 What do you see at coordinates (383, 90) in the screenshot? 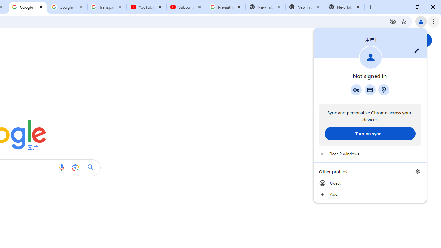
I see `'Addresses and more'` at bounding box center [383, 90].